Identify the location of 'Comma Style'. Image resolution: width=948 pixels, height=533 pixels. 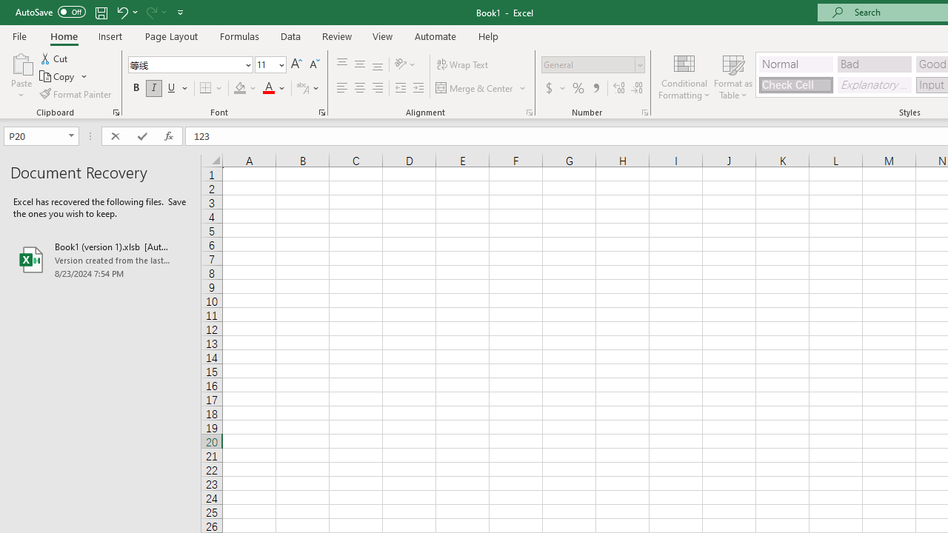
(596, 88).